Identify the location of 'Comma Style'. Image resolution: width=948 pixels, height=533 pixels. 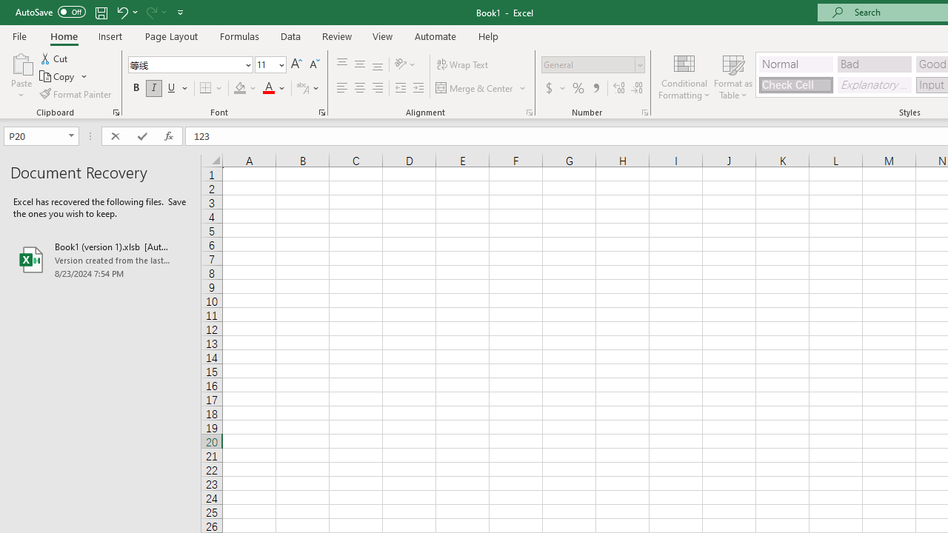
(596, 88).